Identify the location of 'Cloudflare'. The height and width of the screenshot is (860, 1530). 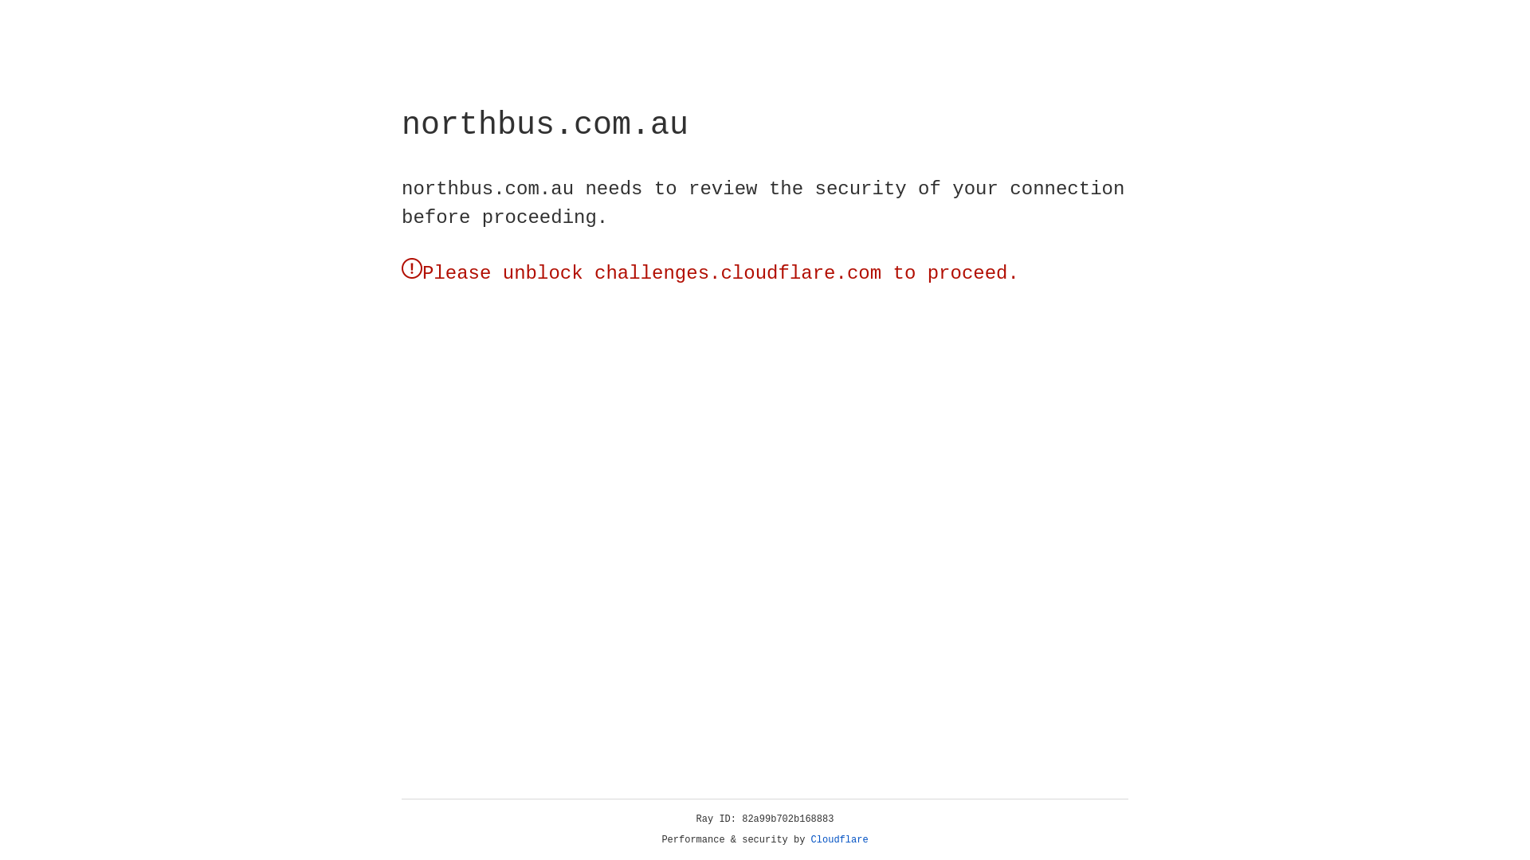
(839, 839).